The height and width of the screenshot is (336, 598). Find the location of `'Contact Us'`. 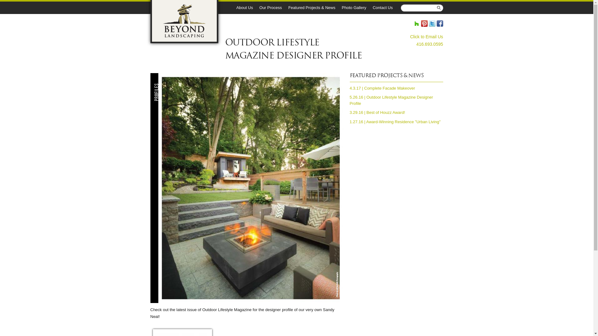

'Contact Us' is located at coordinates (383, 6).